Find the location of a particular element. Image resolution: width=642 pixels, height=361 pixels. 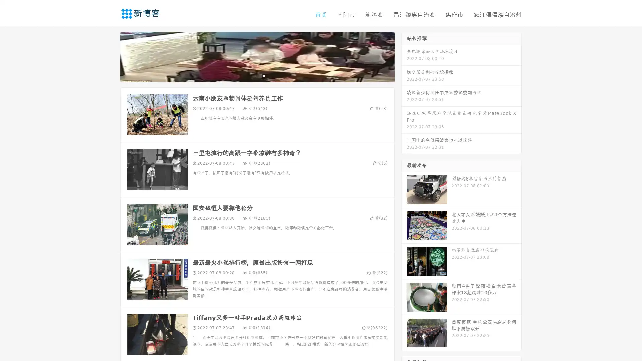

Next slide is located at coordinates (404, 56).